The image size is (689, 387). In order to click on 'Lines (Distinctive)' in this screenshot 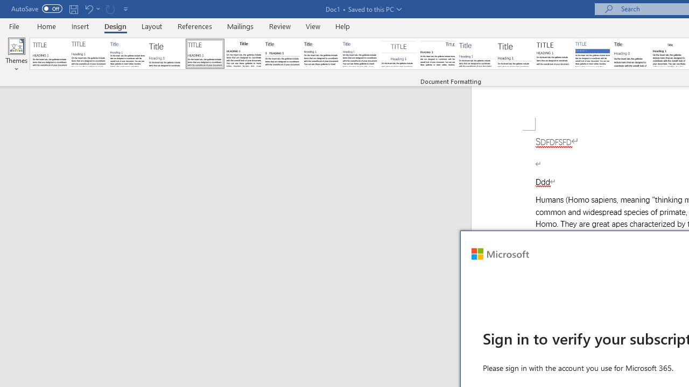, I will do `click(437, 54)`.